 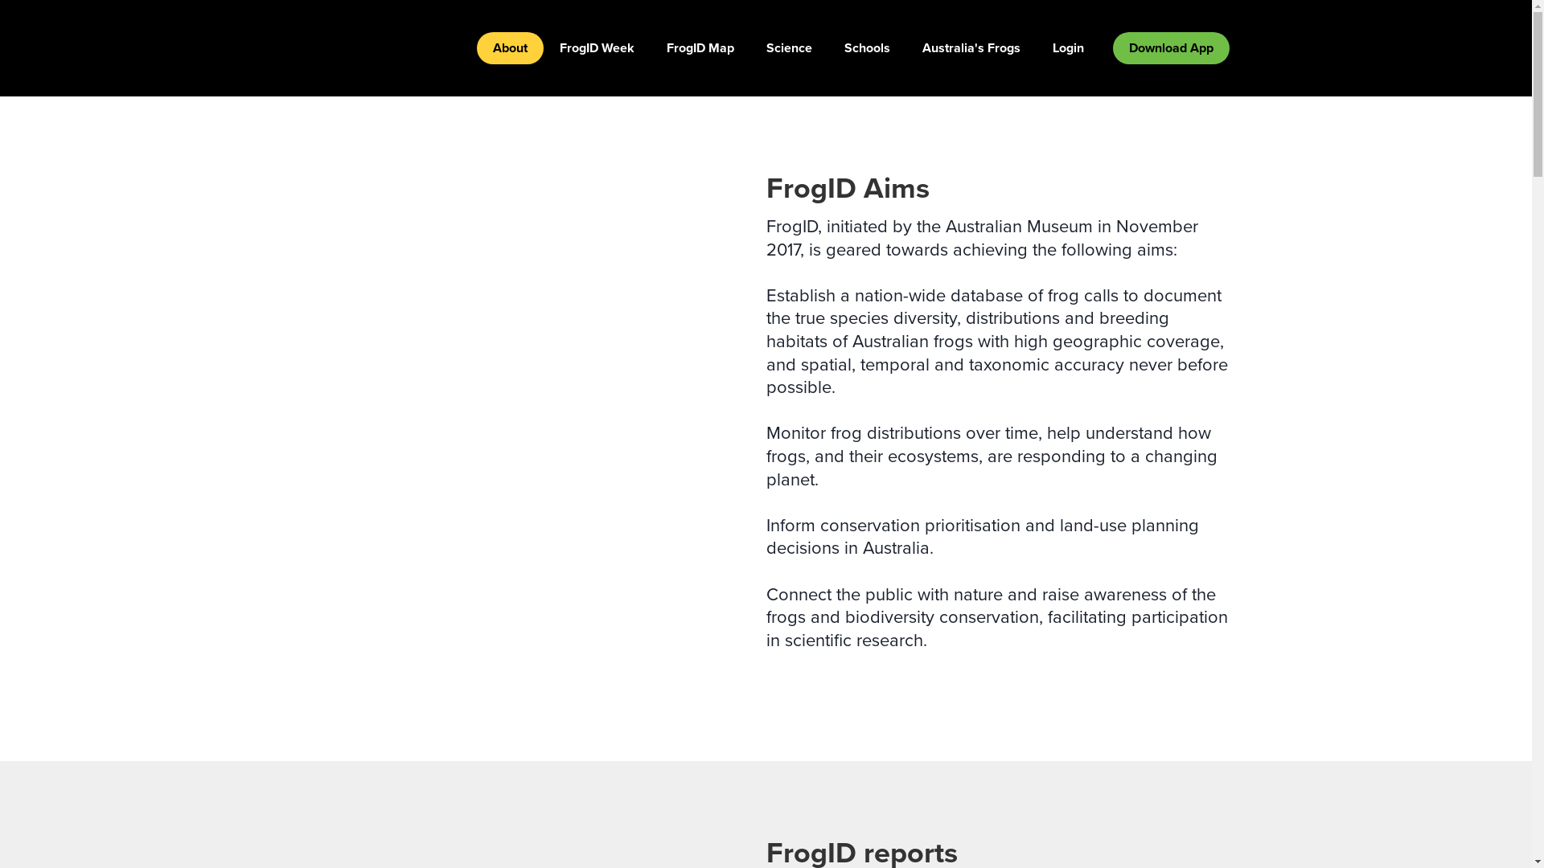 I want to click on 'Australia's Frogs', so click(x=905, y=46).